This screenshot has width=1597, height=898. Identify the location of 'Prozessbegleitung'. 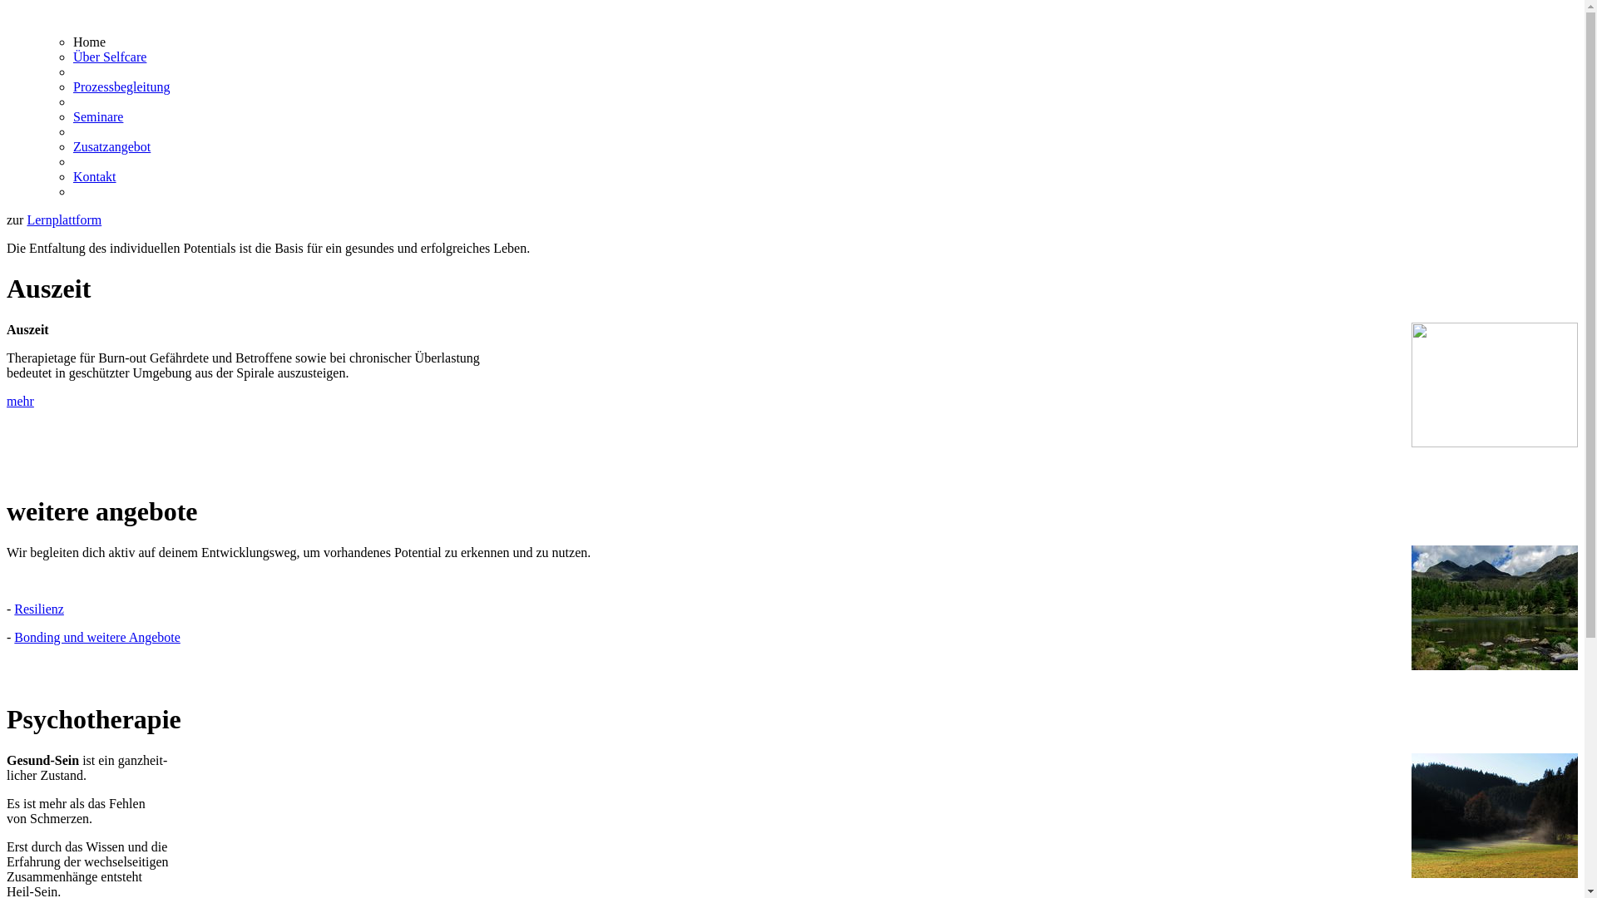
(120, 86).